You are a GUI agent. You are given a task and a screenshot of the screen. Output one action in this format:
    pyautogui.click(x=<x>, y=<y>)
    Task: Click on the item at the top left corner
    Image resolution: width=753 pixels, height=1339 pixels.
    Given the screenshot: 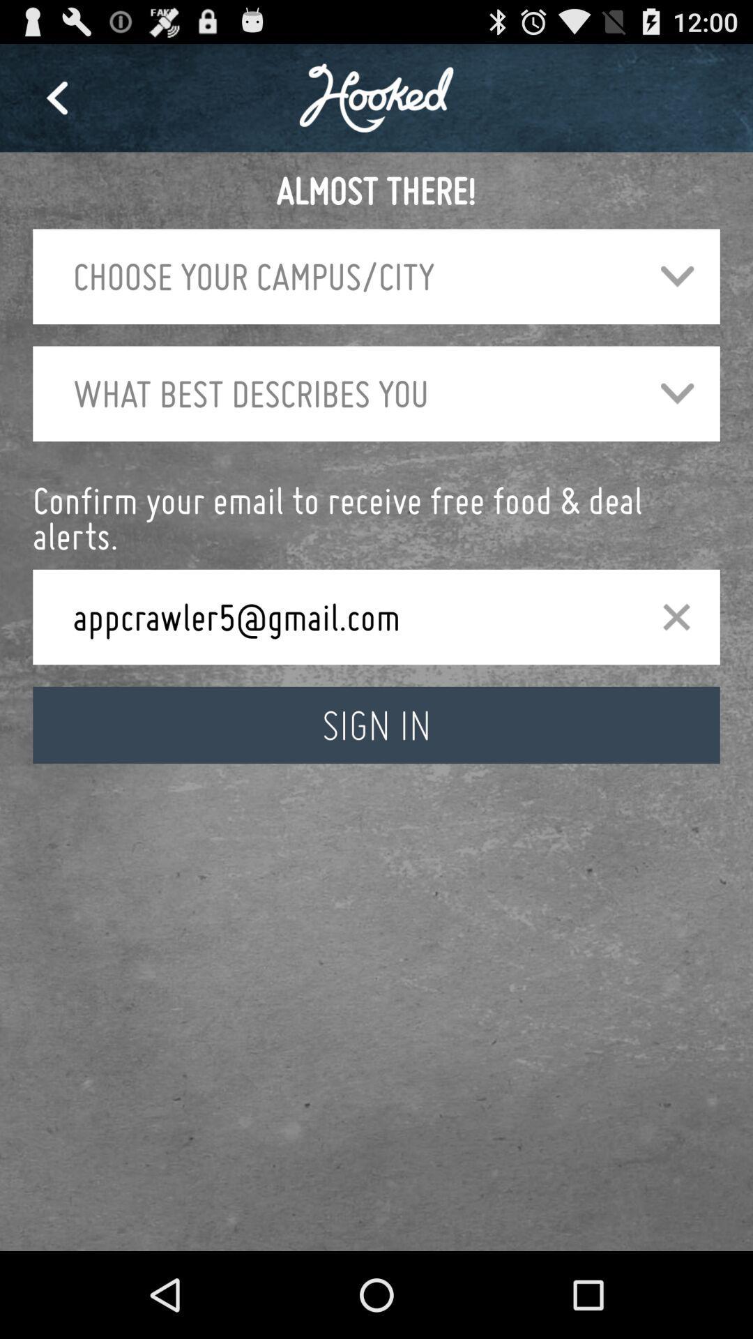 What is the action you would take?
    pyautogui.click(x=56, y=97)
    